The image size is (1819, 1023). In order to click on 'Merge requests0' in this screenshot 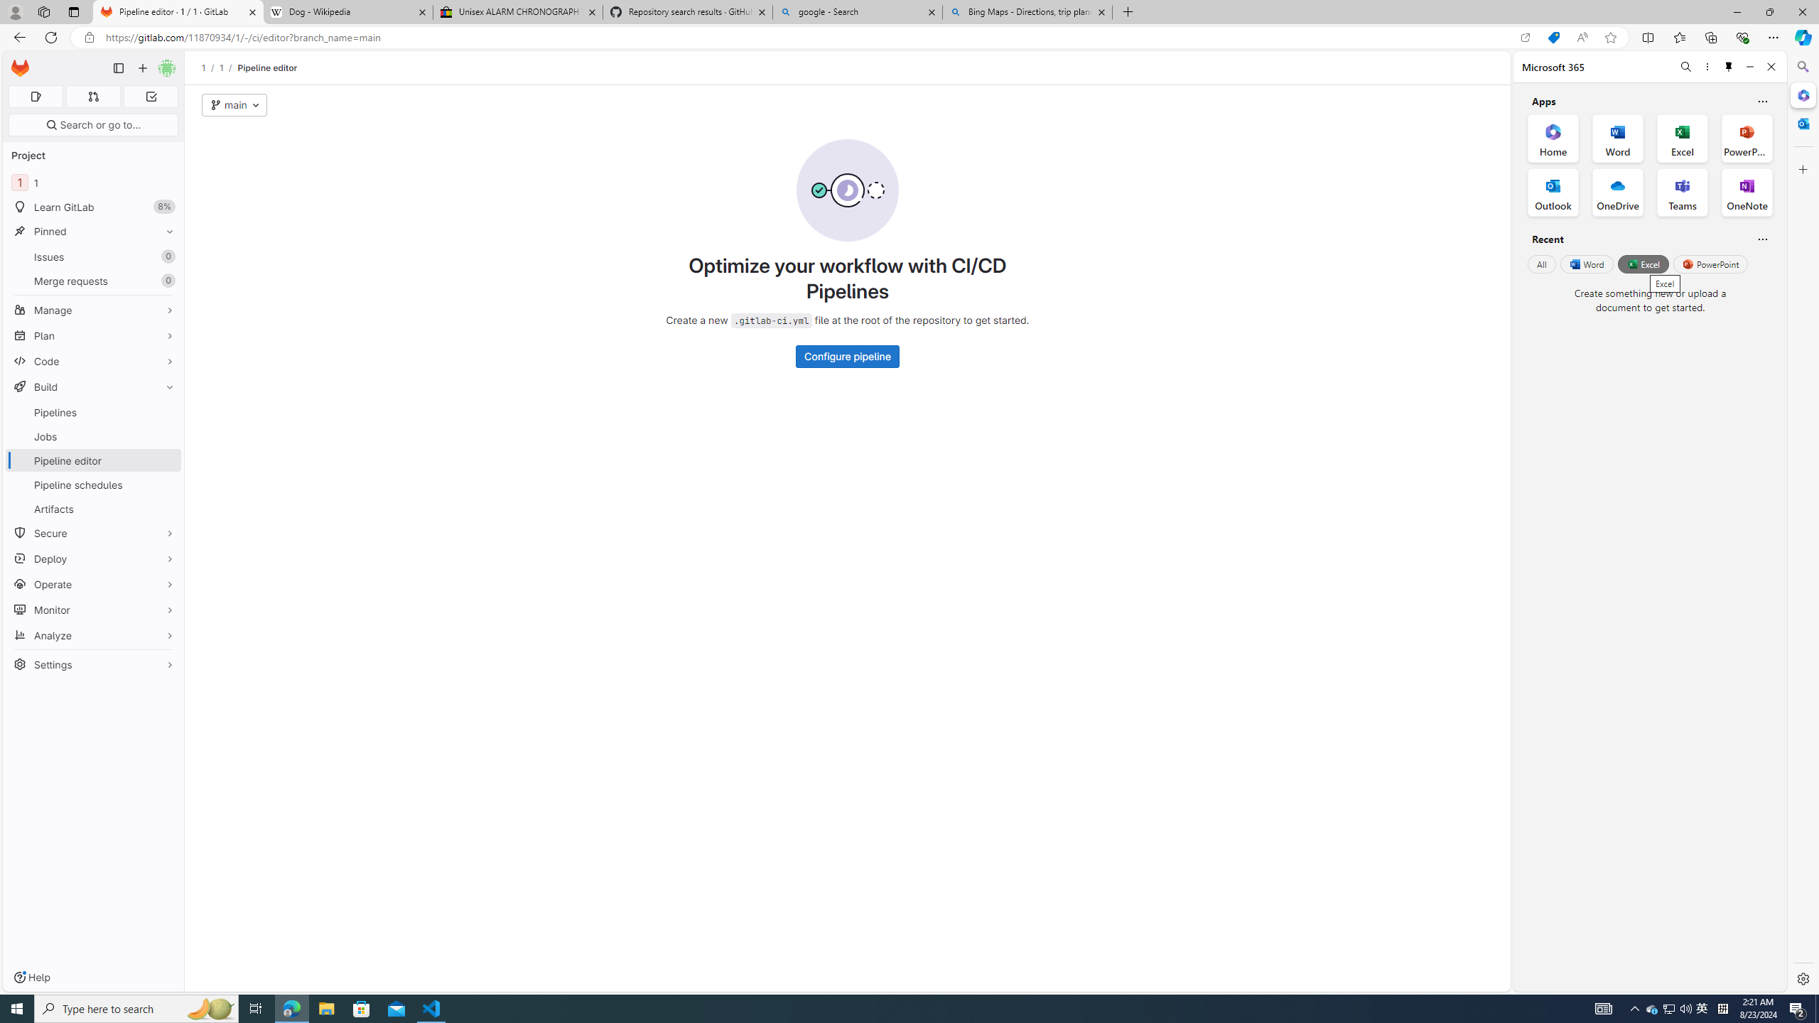, I will do `click(92, 280)`.